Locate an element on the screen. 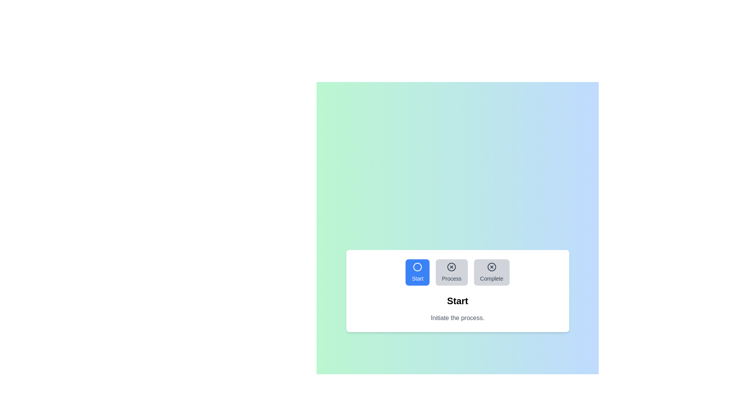 The height and width of the screenshot is (418, 743). the static text element that provides additional information related to the 'Start' section, located below the 'Start' text is located at coordinates (457, 318).